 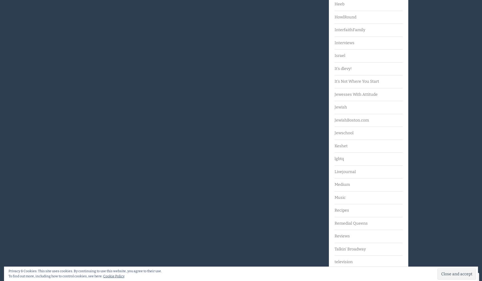 What do you see at coordinates (340, 197) in the screenshot?
I see `'Music'` at bounding box center [340, 197].